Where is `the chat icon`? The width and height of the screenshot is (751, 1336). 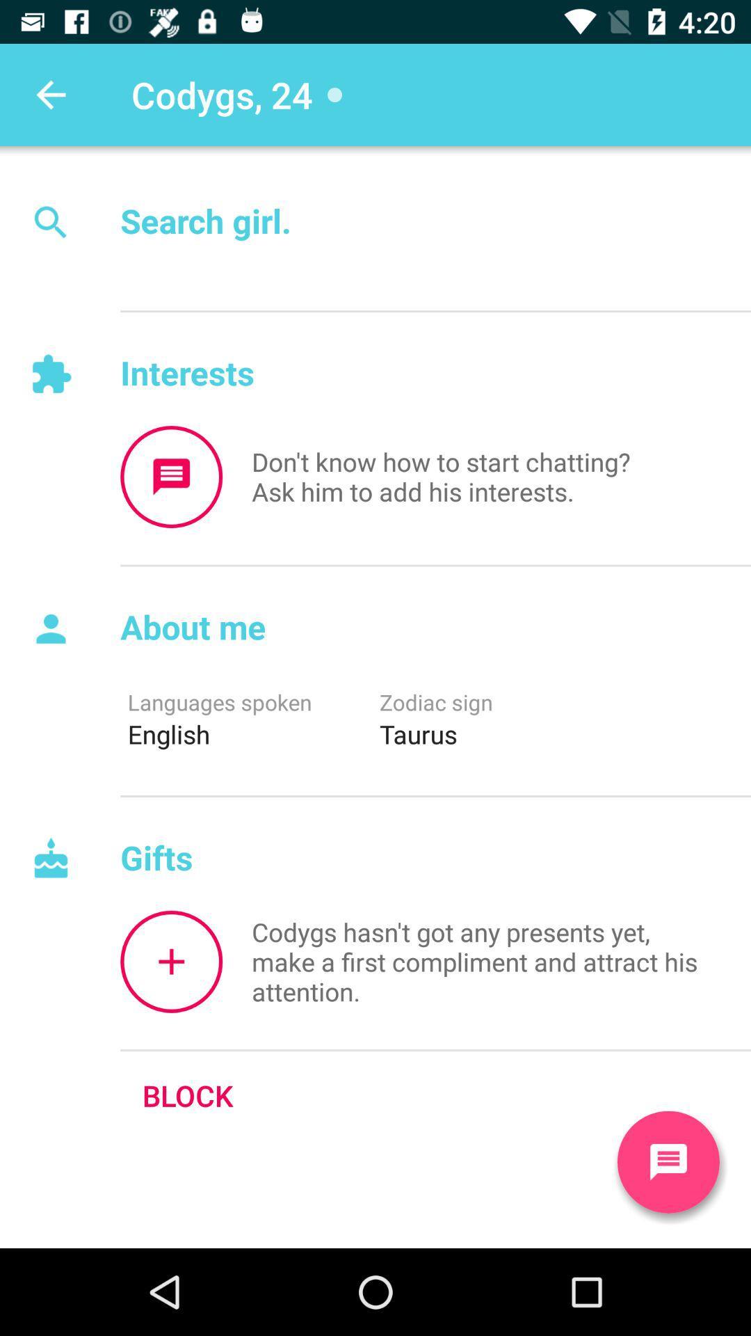
the chat icon is located at coordinates (170, 477).